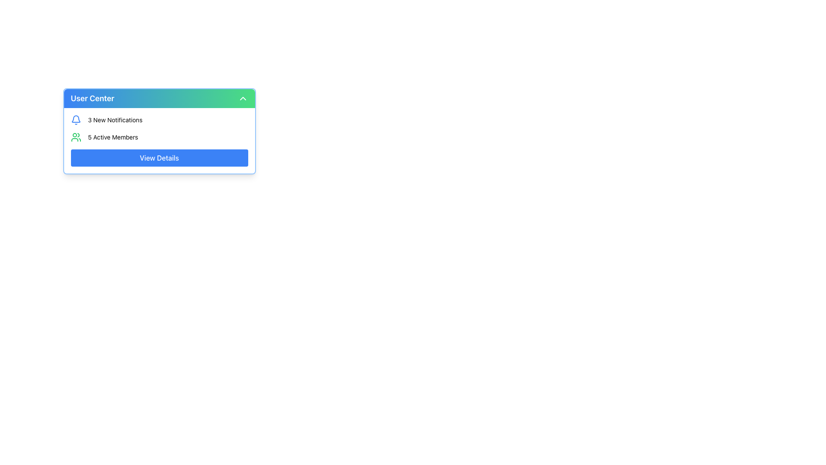  What do you see at coordinates (242, 98) in the screenshot?
I see `the chevron icon located in the upper right corner of the 'User Center' header` at bounding box center [242, 98].